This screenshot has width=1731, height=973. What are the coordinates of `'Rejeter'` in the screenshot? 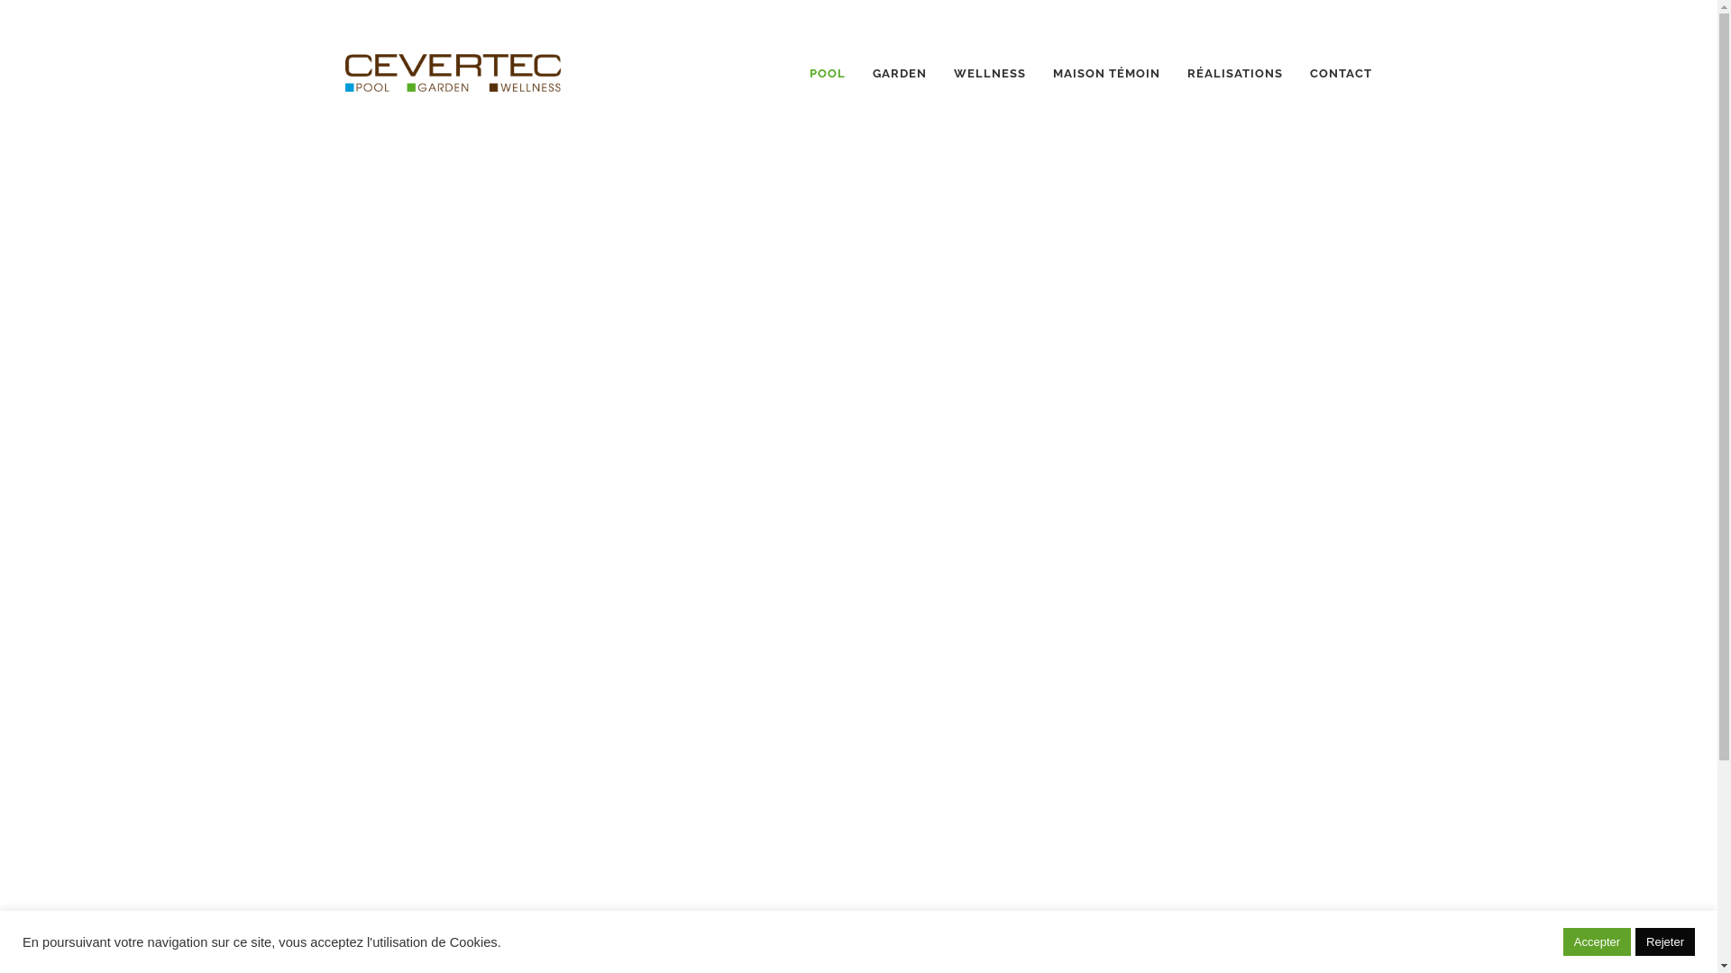 It's located at (1664, 941).